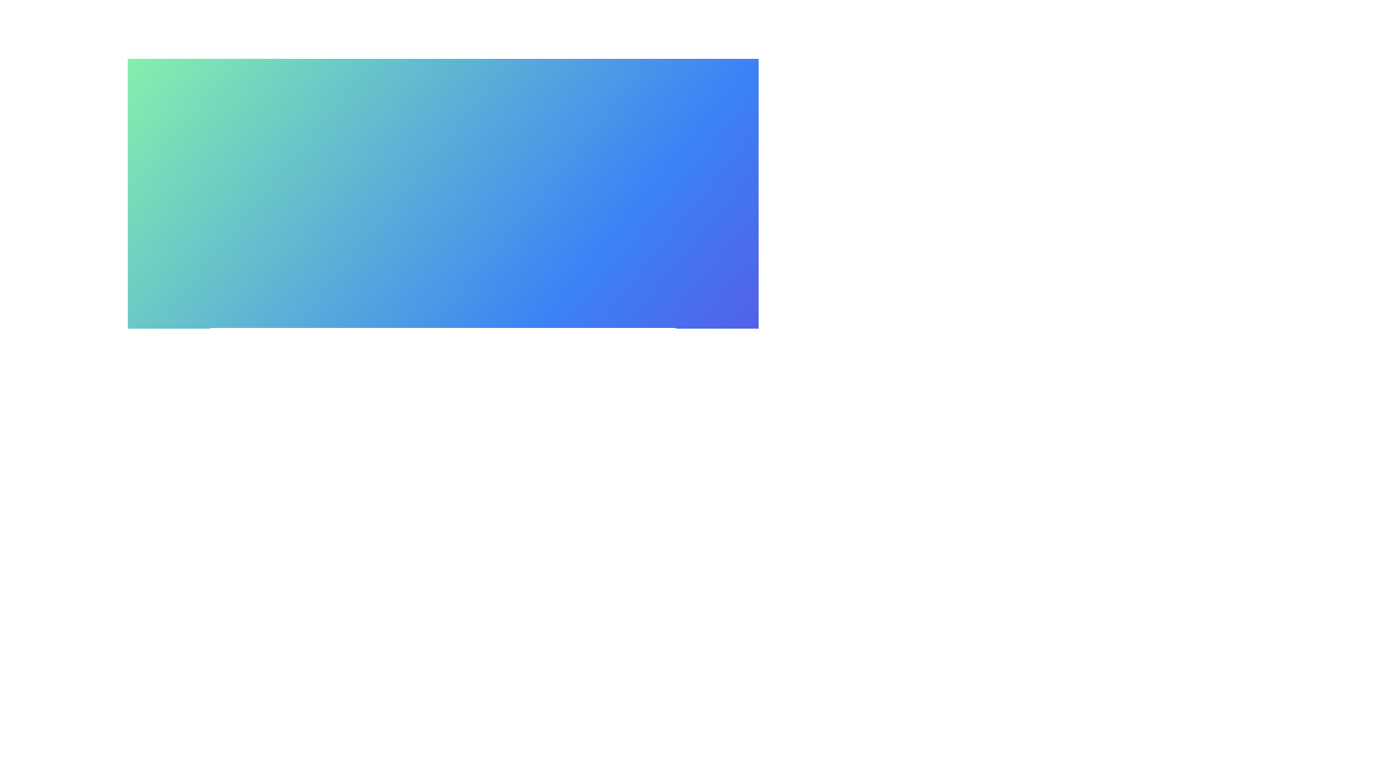  Describe the element at coordinates (274, 395) in the screenshot. I see `the icon representing the step 'Introduction'` at that location.